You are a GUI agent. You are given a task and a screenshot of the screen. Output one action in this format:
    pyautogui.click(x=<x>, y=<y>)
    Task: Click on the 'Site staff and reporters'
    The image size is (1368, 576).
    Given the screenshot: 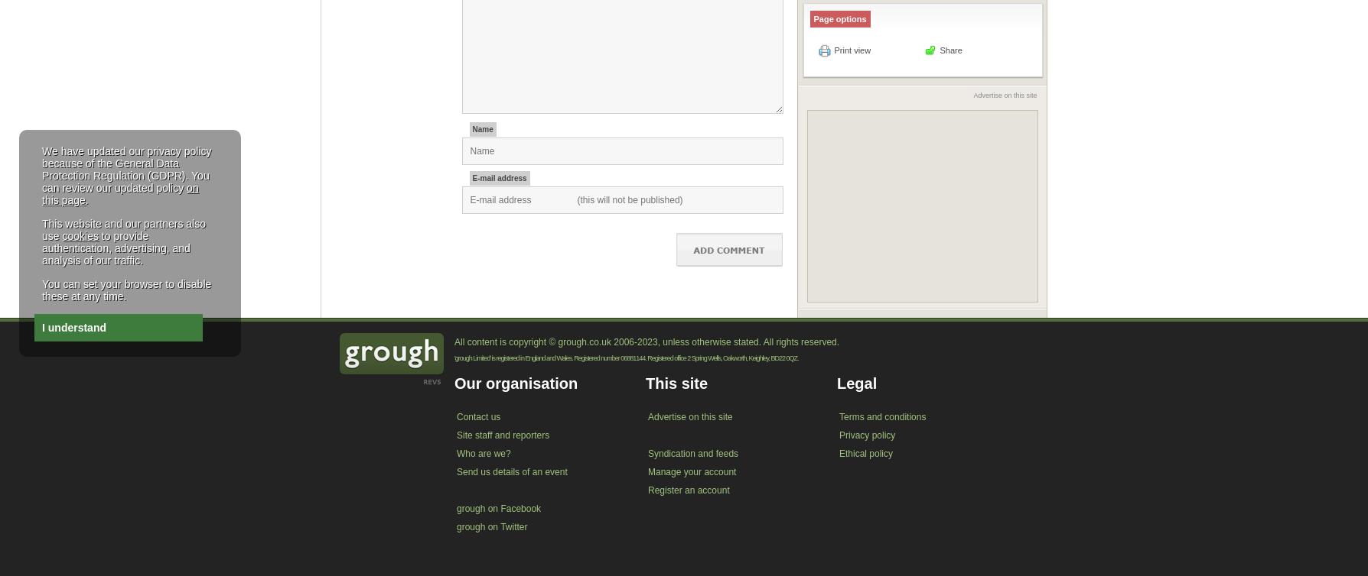 What is the action you would take?
    pyautogui.click(x=503, y=435)
    